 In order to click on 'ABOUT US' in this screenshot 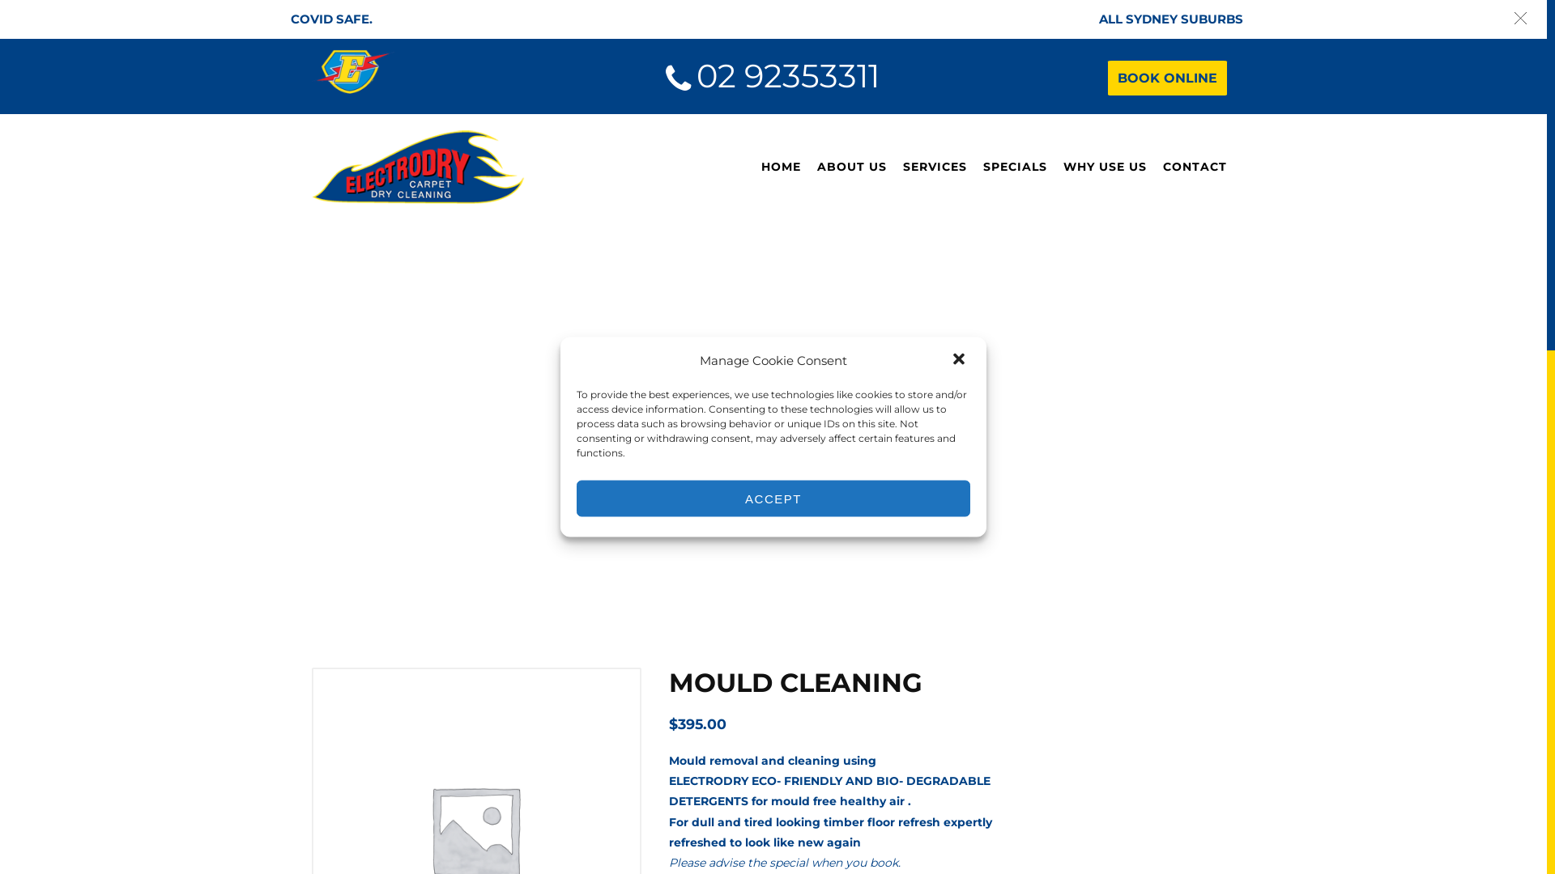, I will do `click(850, 167)`.